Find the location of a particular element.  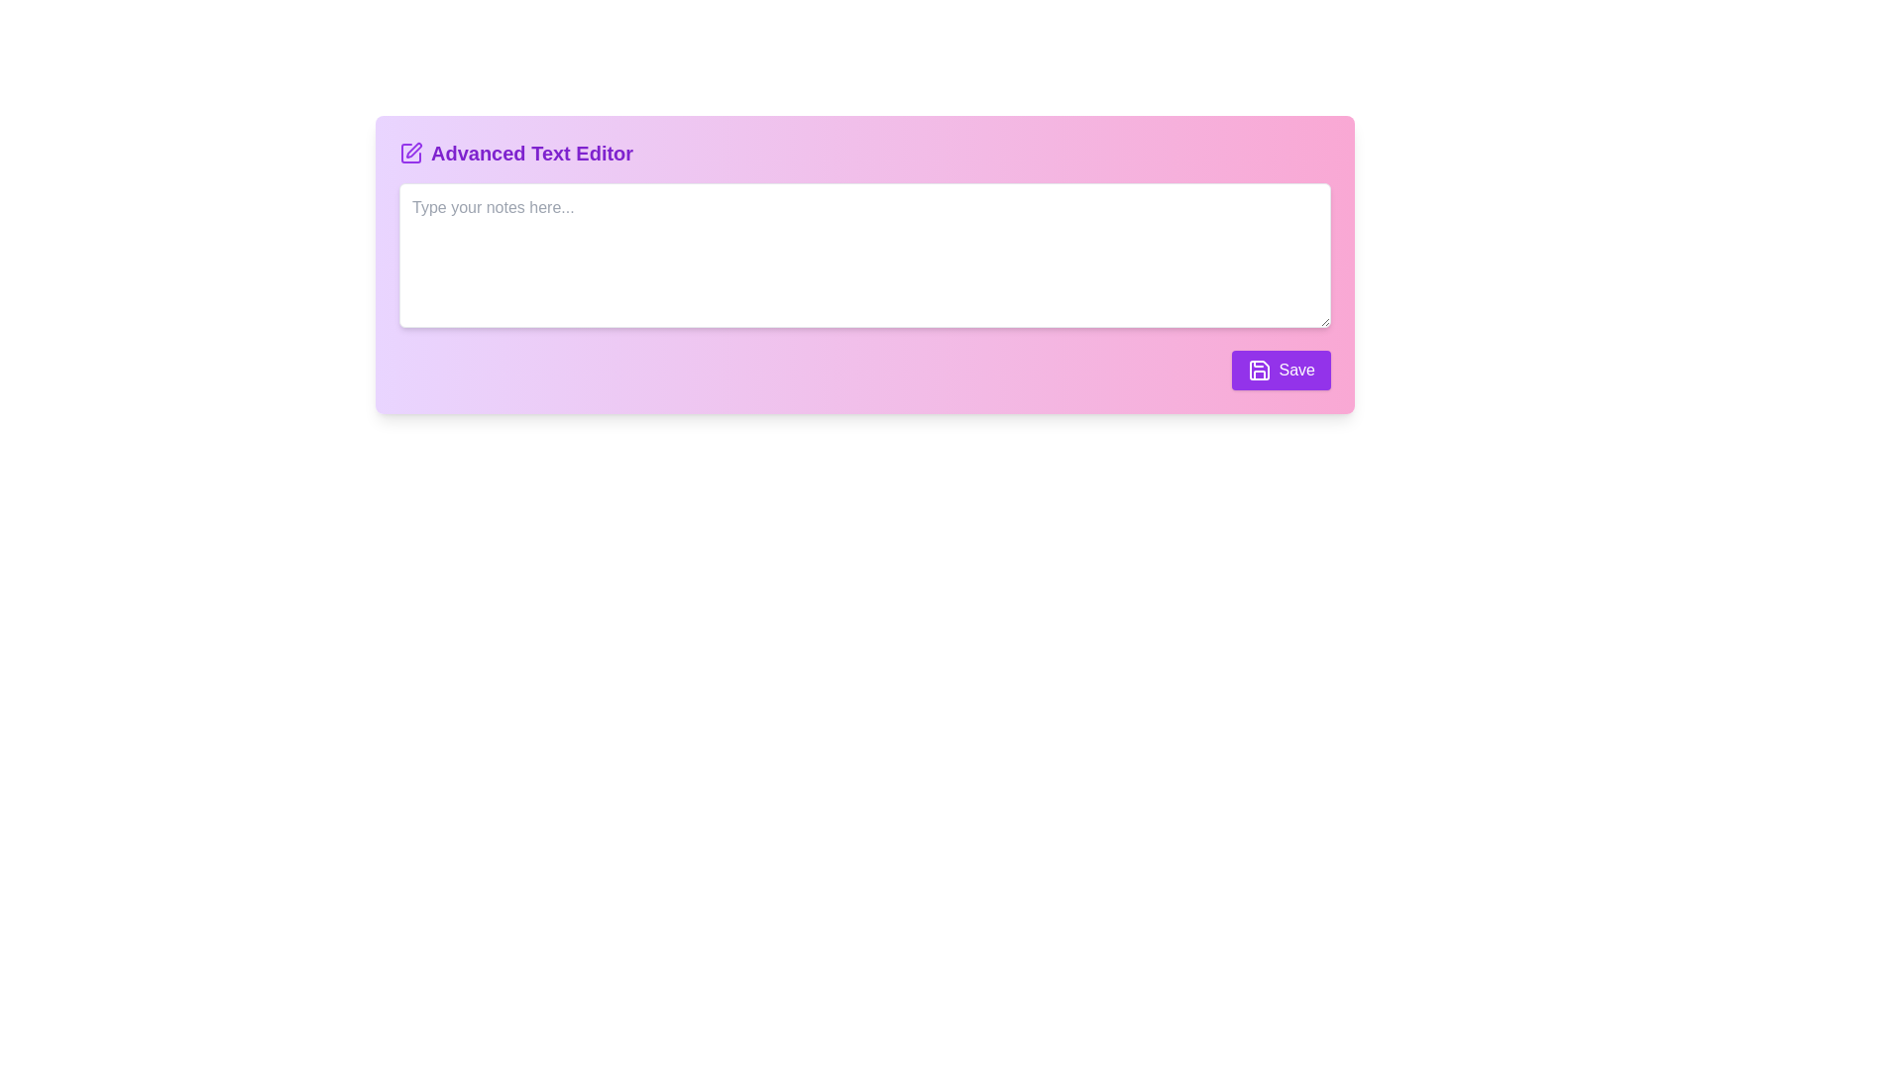

the 'Save' button with a purple background and white text is located at coordinates (1281, 371).